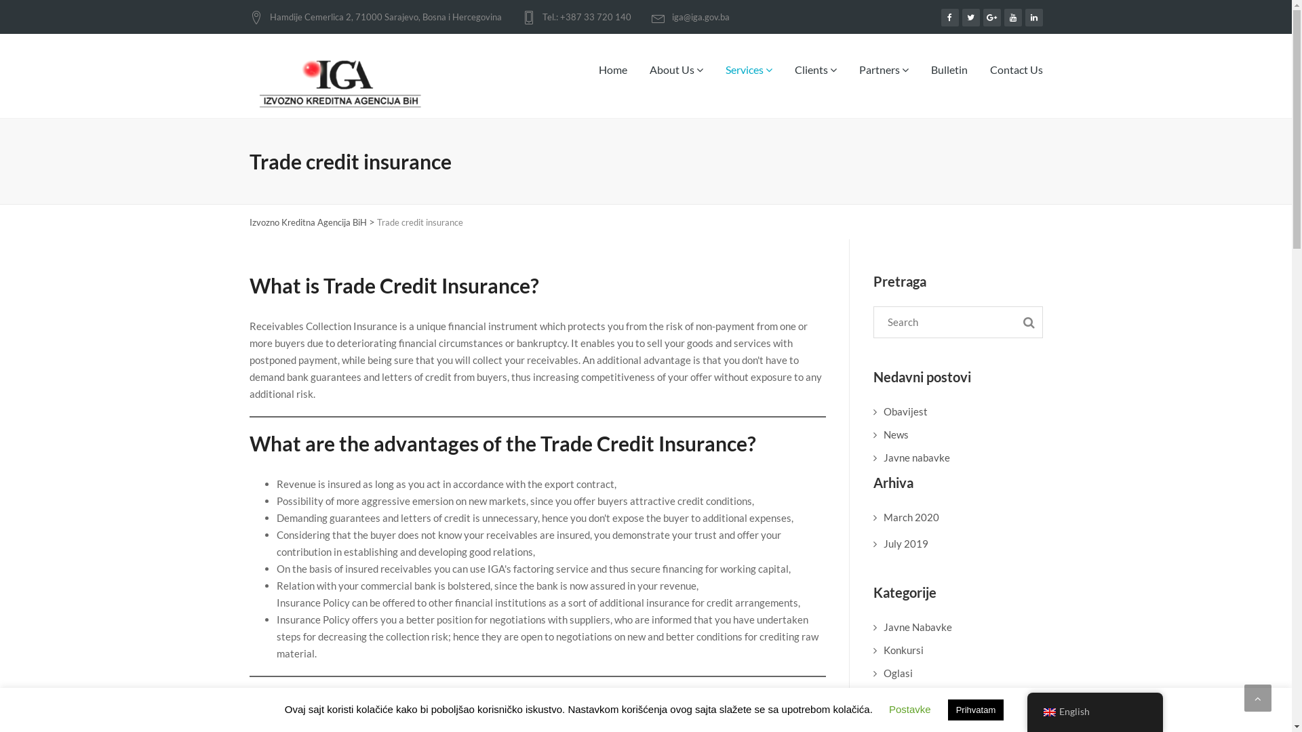  Describe the element at coordinates (814, 80) in the screenshot. I see `'Clients'` at that location.